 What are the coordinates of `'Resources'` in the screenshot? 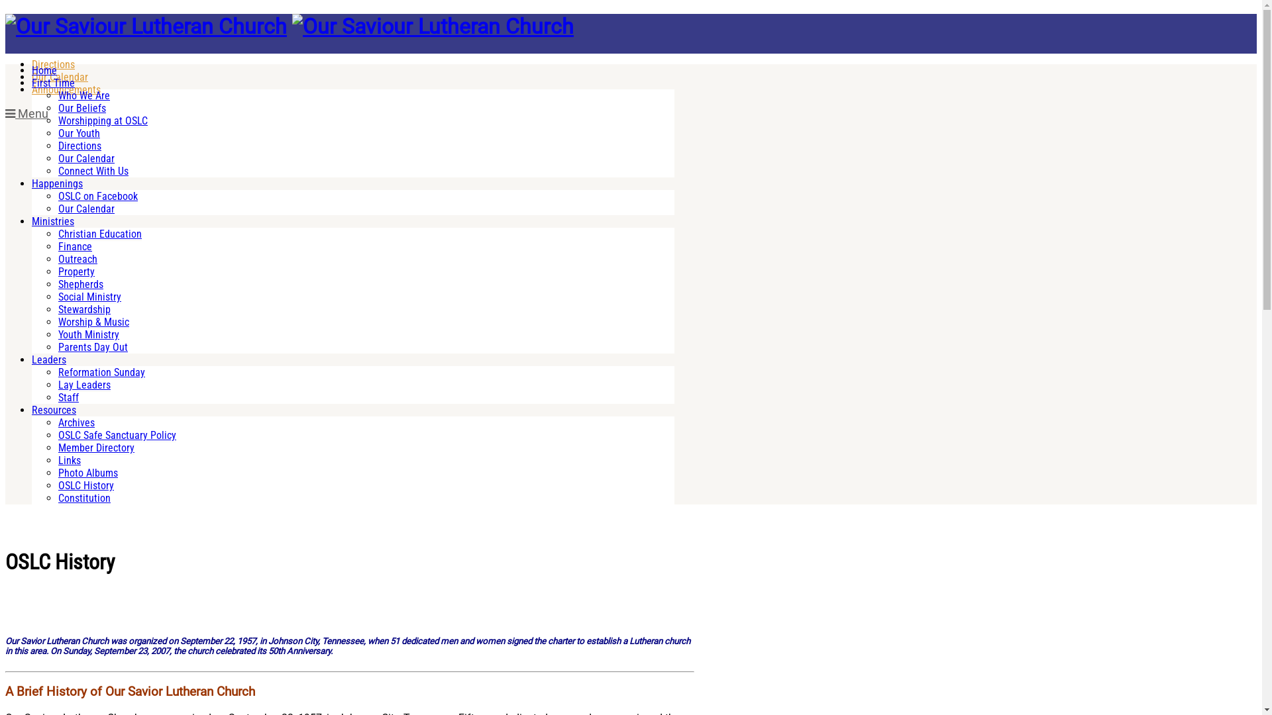 It's located at (53, 409).